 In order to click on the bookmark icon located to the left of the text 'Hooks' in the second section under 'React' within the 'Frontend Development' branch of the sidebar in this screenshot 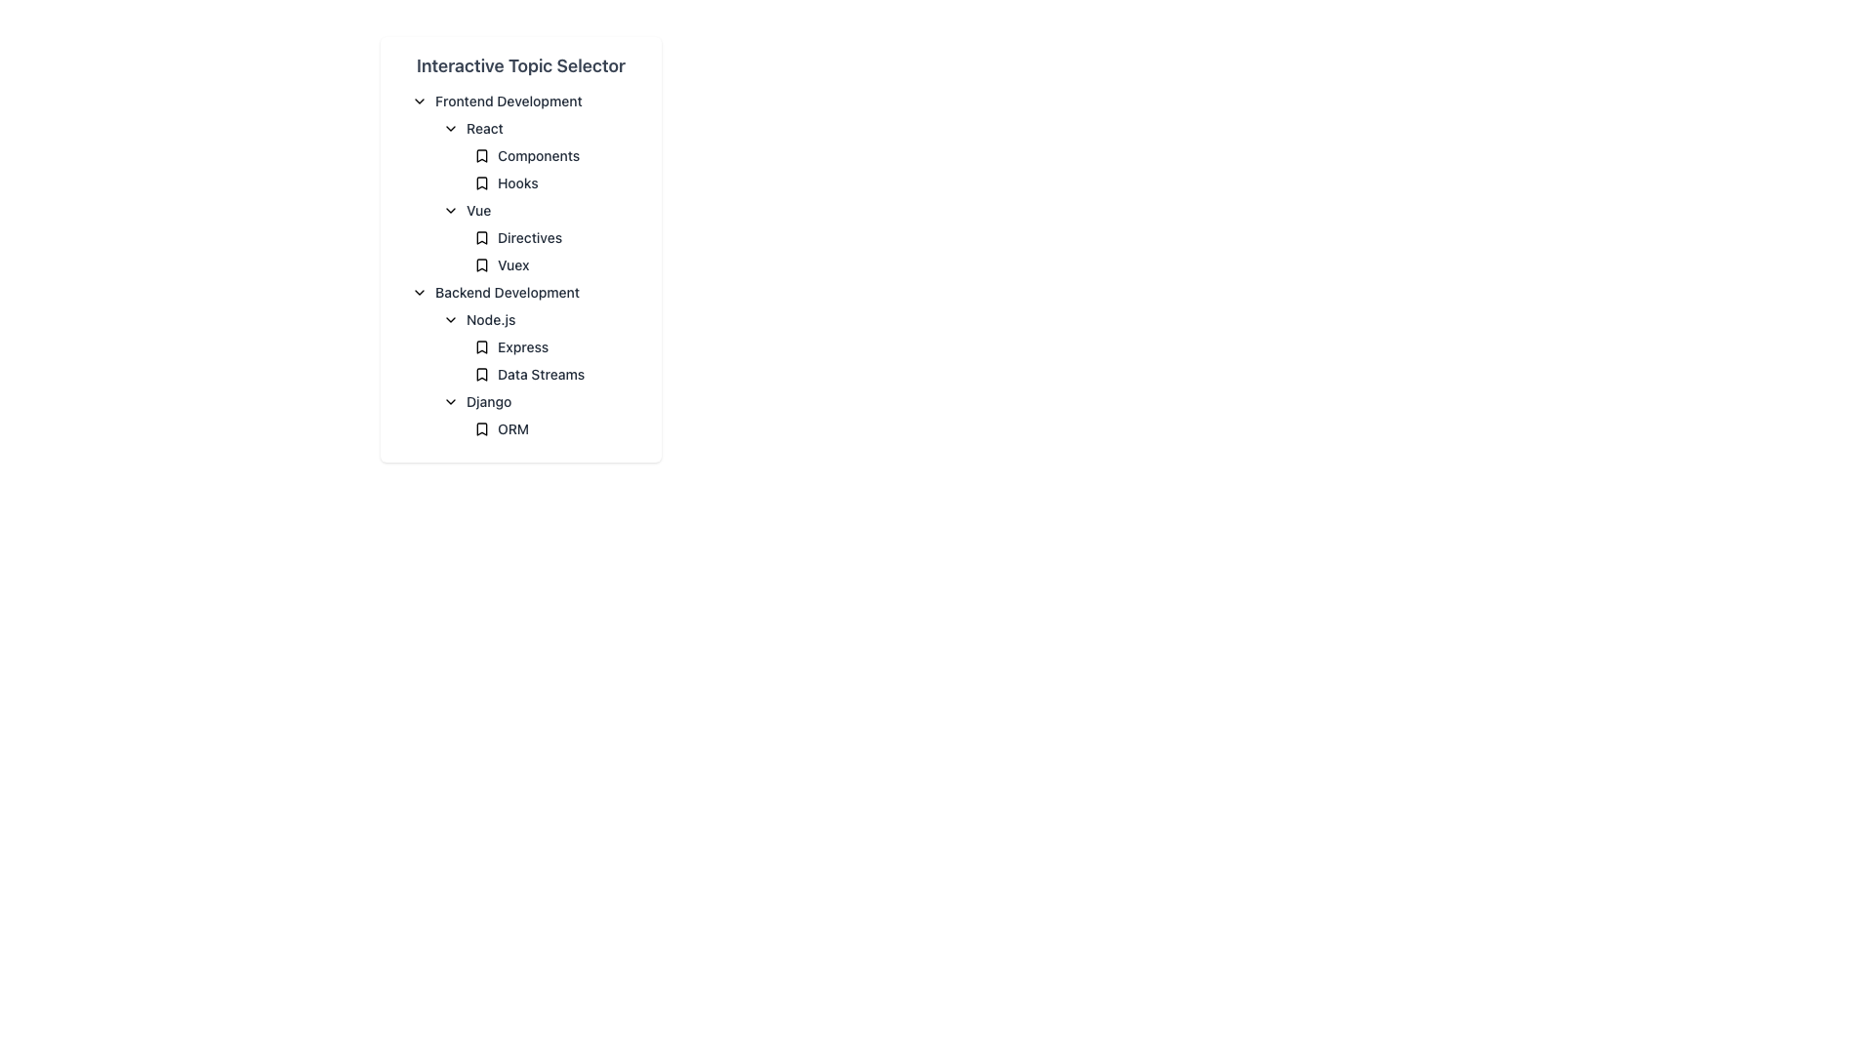, I will do `click(482, 183)`.